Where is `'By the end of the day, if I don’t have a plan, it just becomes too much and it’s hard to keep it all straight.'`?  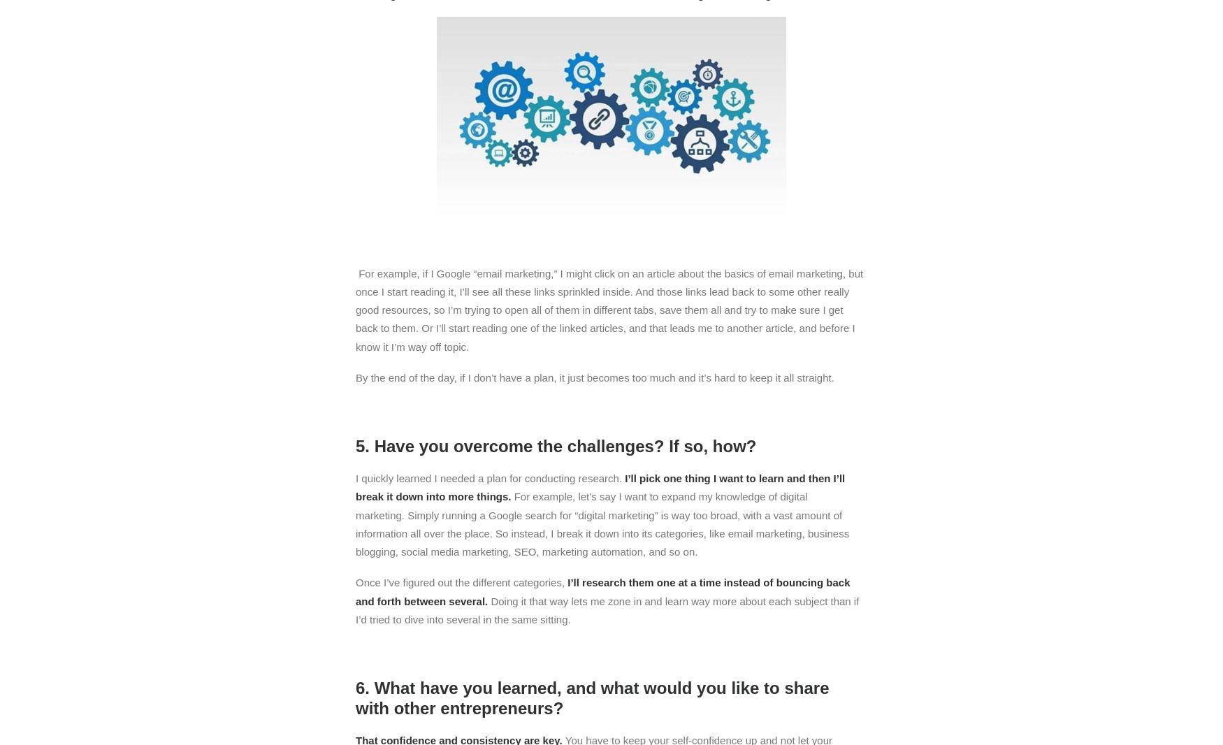
'By the end of the day, if I don’t have a plan, it just becomes too much and it’s hard to keep it all straight.' is located at coordinates (595, 376).